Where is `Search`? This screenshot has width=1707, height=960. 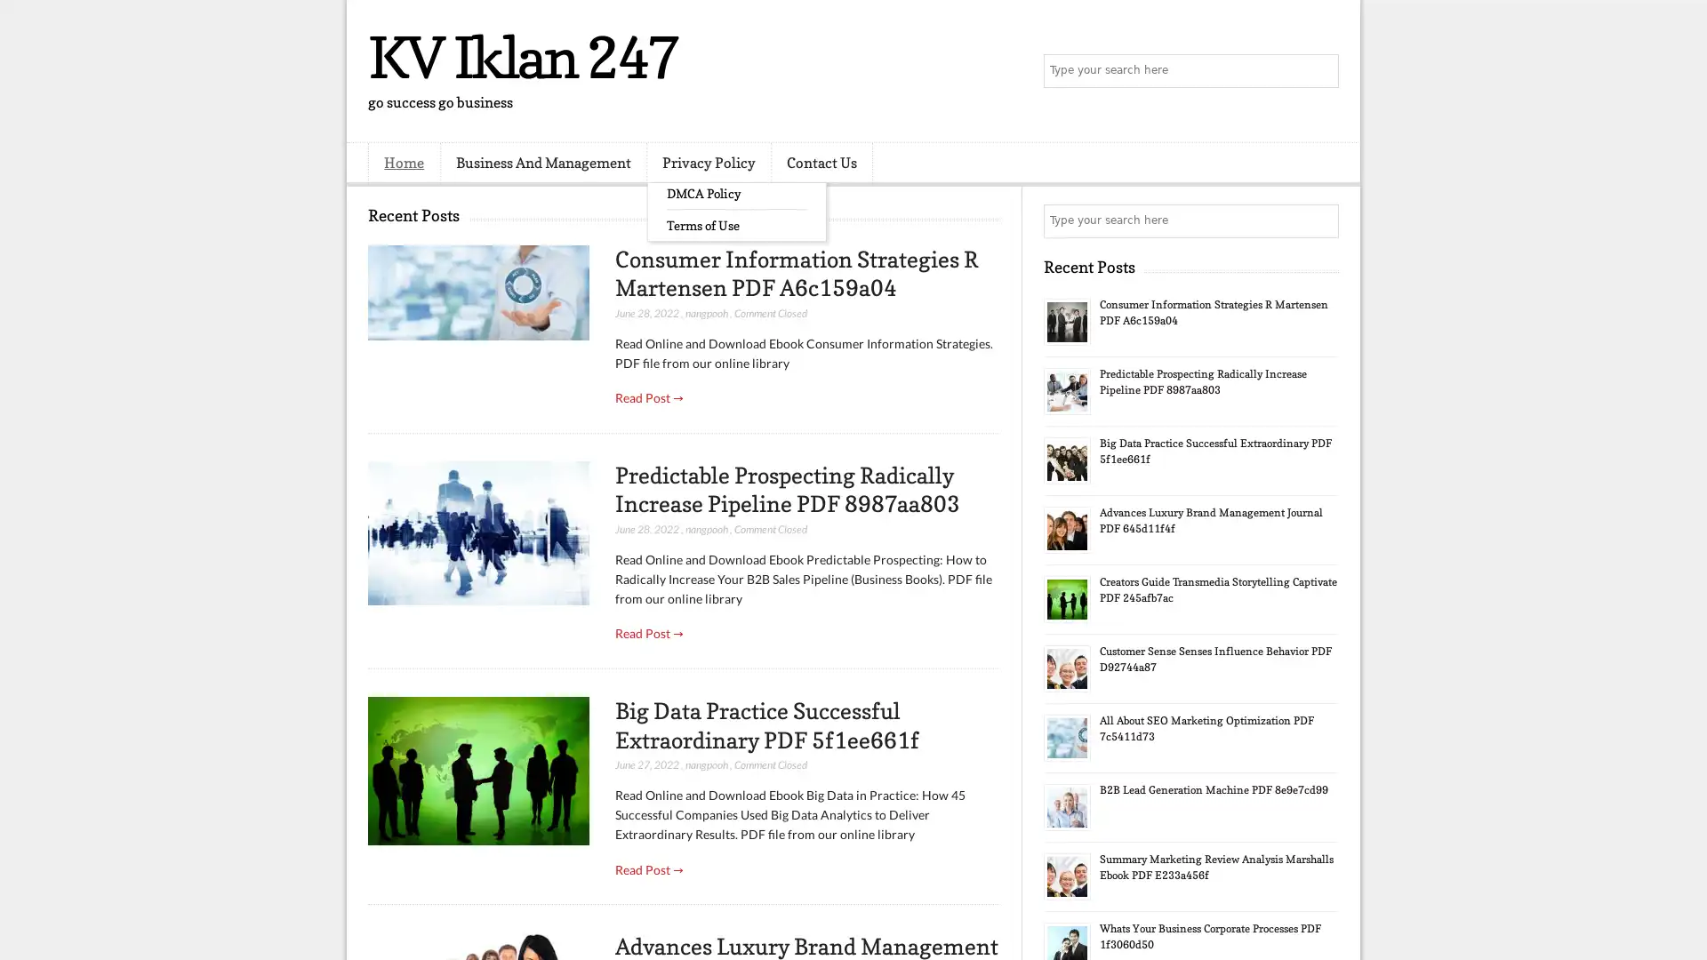 Search is located at coordinates (1320, 220).